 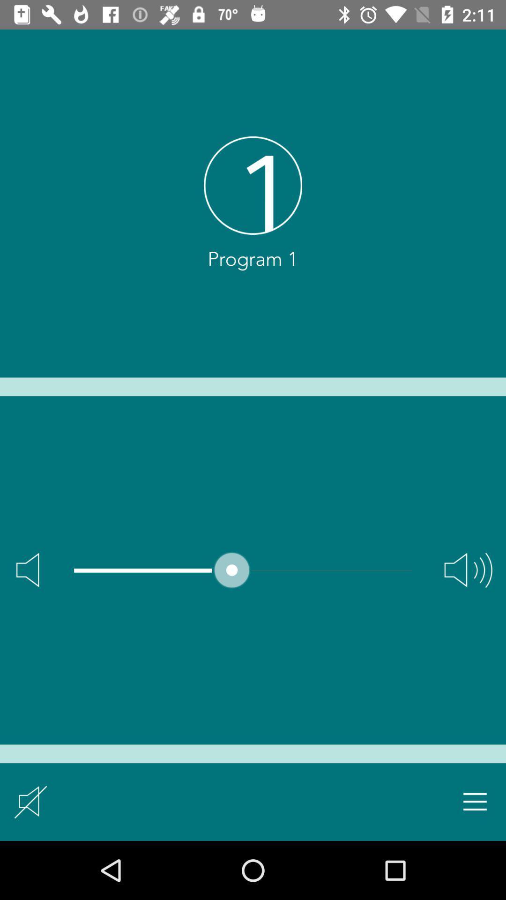 I want to click on mute sound, so click(x=30, y=801).